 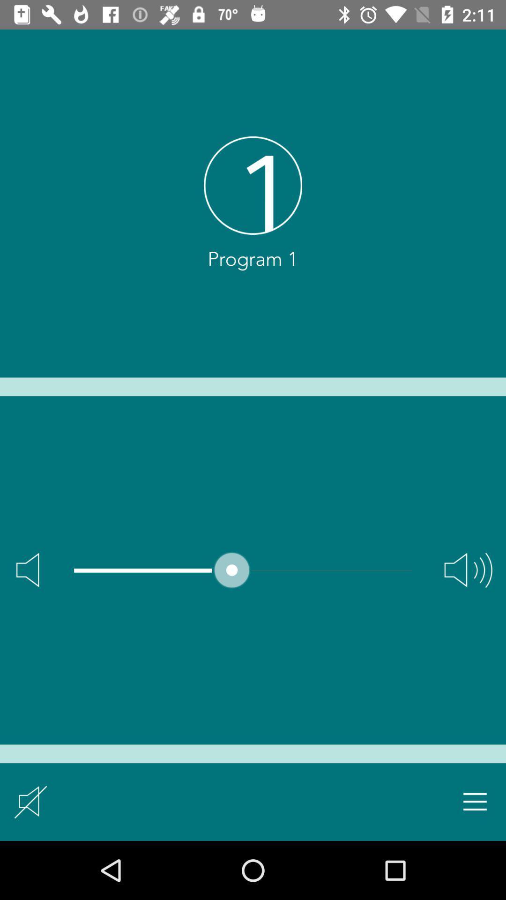 I want to click on mute sound, so click(x=30, y=801).